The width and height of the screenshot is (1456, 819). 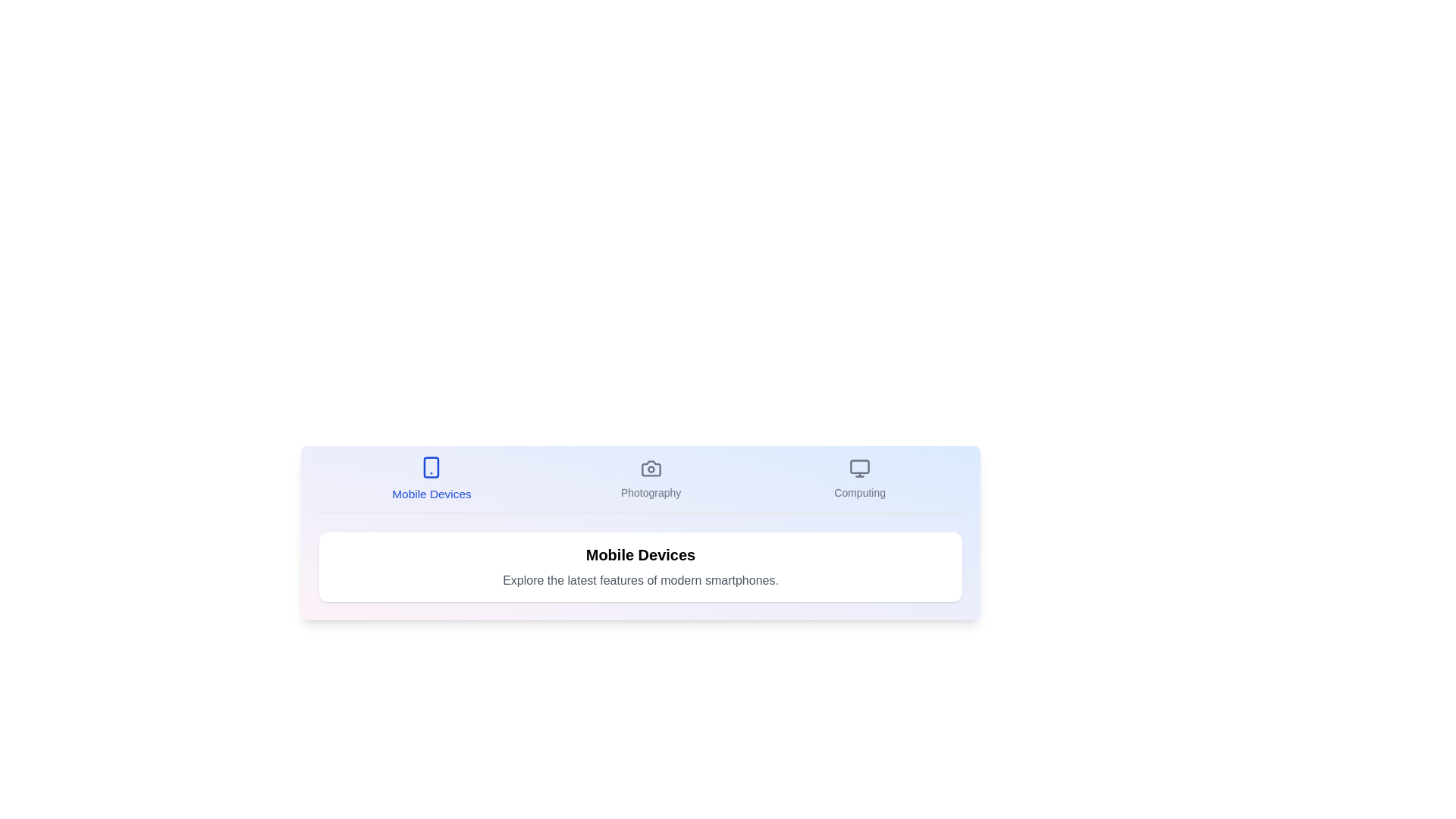 I want to click on the tab labeled 'Photography' to inspect its associated icon, so click(x=651, y=479).